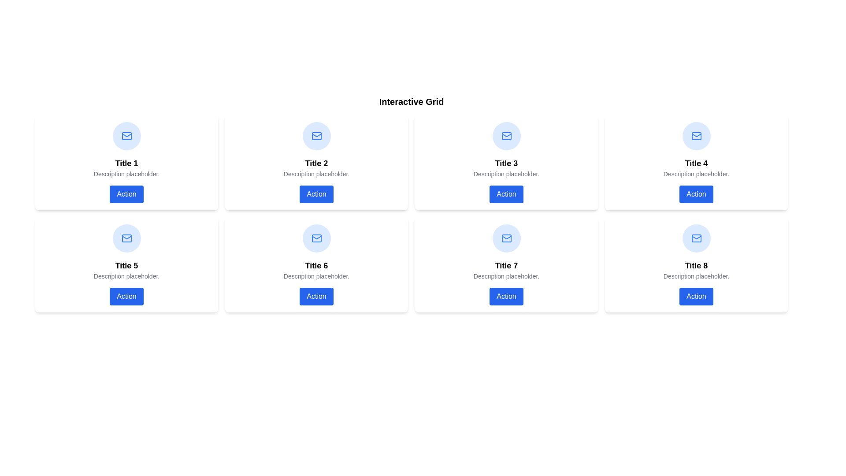  I want to click on the blue rectangular button labeled 'Action' located at the bottom-center of the card titled 'Title 7', so click(506, 296).